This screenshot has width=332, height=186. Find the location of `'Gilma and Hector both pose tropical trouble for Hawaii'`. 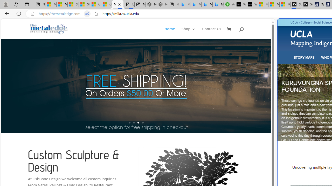

'Gilma and Hector both pose tropical trouble for Hawaii' is located at coordinates (106, 4).